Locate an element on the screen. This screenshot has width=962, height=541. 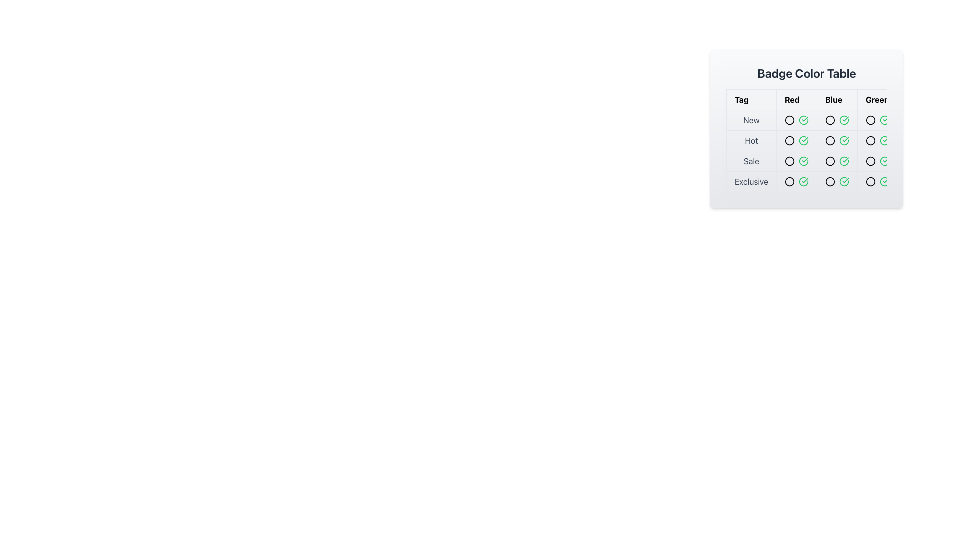
the 'Green' badge icon for the 'Exclusive' category, which visually indicates active or inactive status in the table layout is located at coordinates (877, 181).